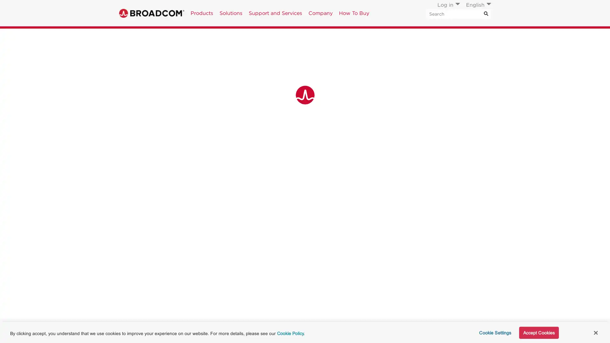  What do you see at coordinates (177, 313) in the screenshot?
I see `Play Video` at bounding box center [177, 313].